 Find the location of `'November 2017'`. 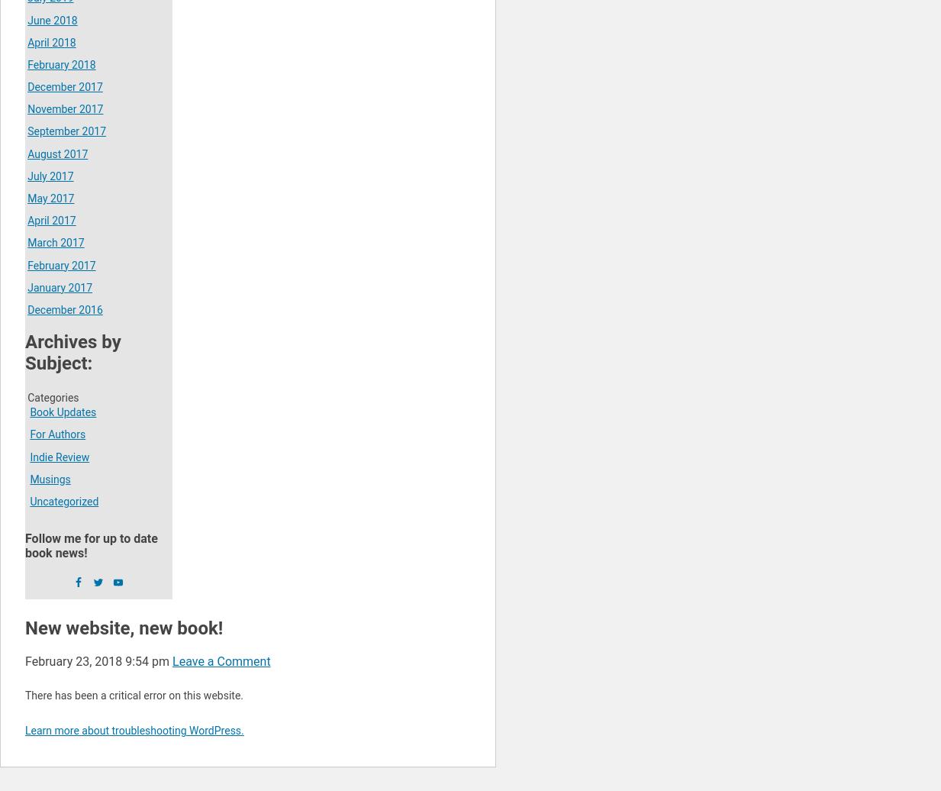

'November 2017' is located at coordinates (64, 108).